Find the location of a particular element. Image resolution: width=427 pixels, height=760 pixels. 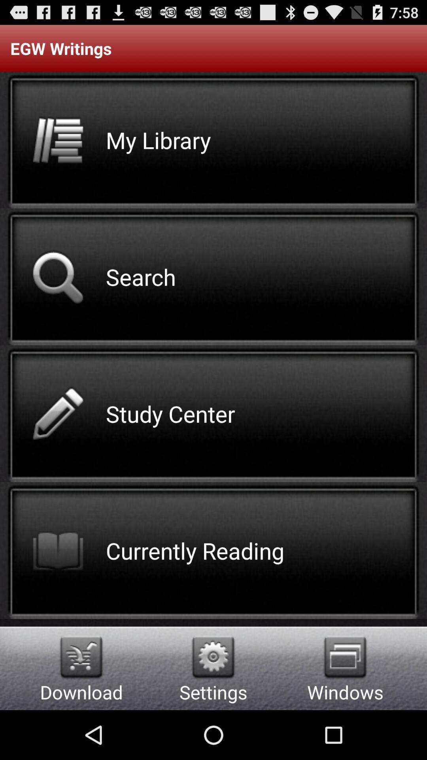

site settings is located at coordinates (213, 657).